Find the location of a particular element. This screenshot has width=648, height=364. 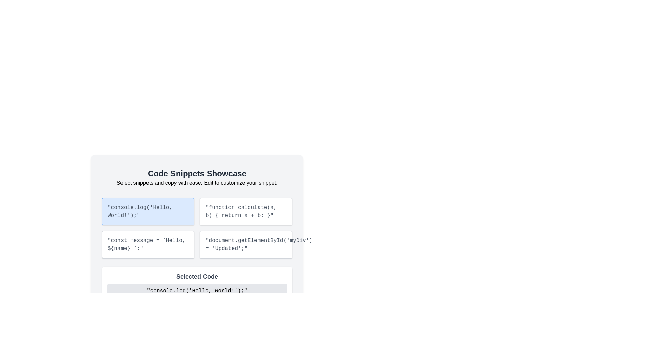

subtitle of the Text label that serves as a header section for the interface, which is located above a grid displaying code snippets is located at coordinates (197, 177).